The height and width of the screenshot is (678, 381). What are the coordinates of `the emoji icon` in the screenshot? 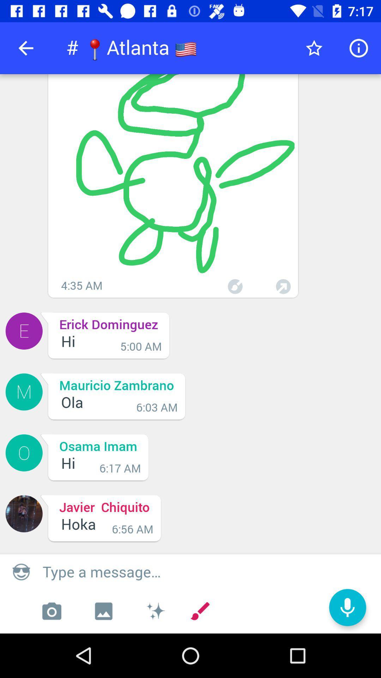 It's located at (21, 571).